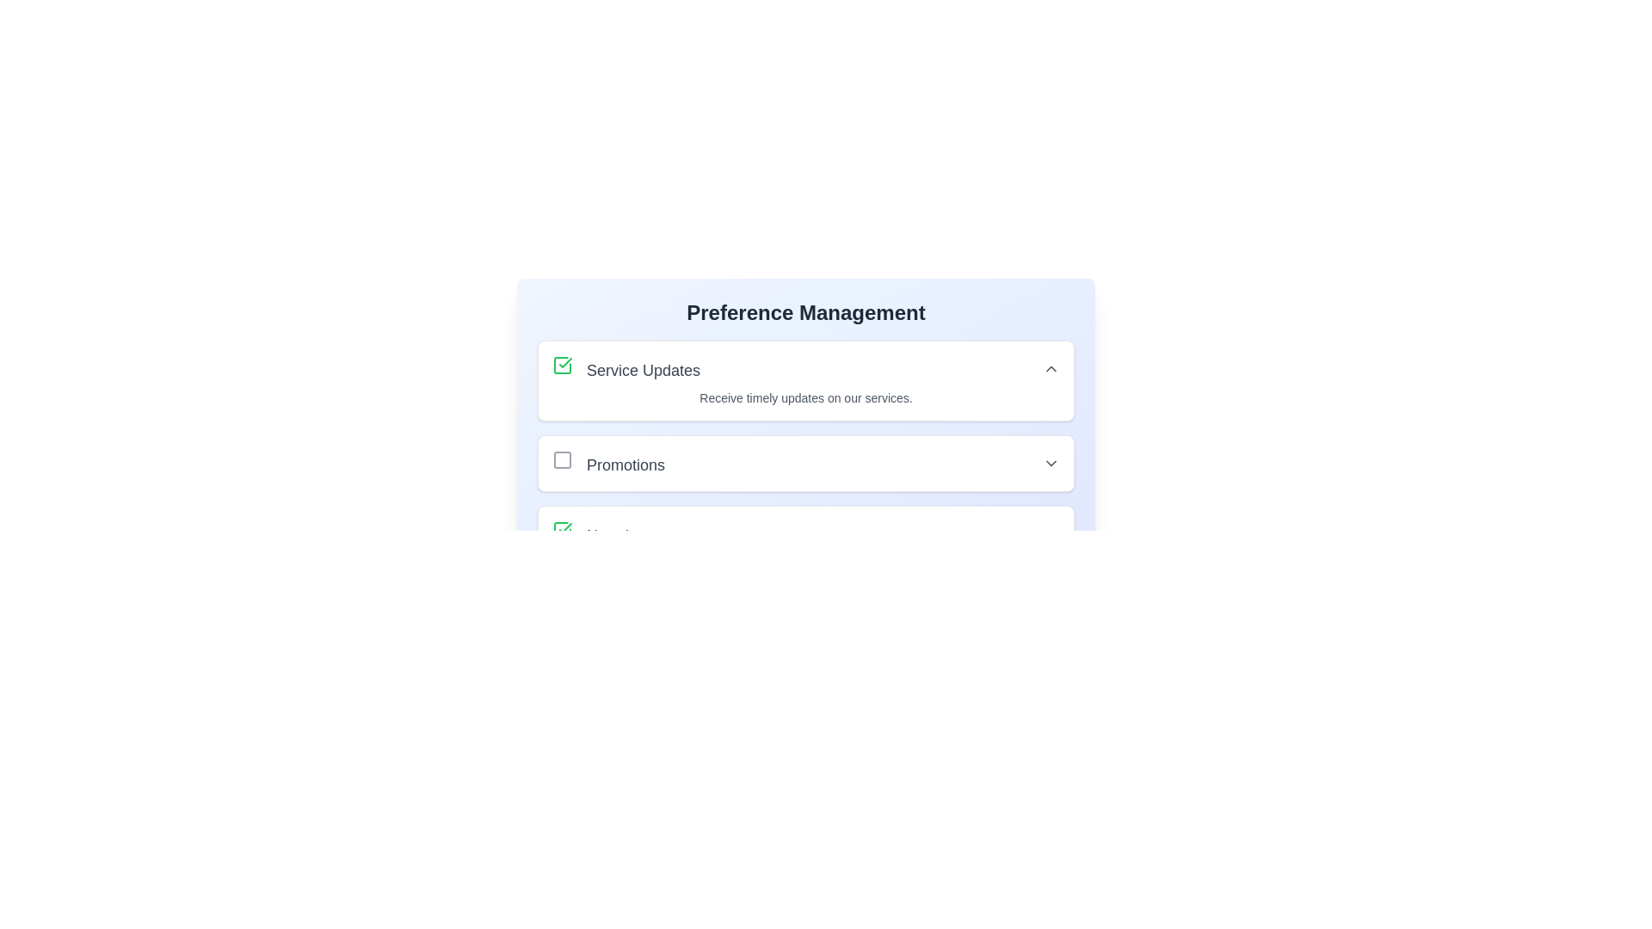 Image resolution: width=1652 pixels, height=929 pixels. Describe the element at coordinates (562, 459) in the screenshot. I see `the checkbox for keyboard navigation by targeting the checkbox located in the 'Preference Management' section, specifically the second item related to 'Promotions'` at that location.